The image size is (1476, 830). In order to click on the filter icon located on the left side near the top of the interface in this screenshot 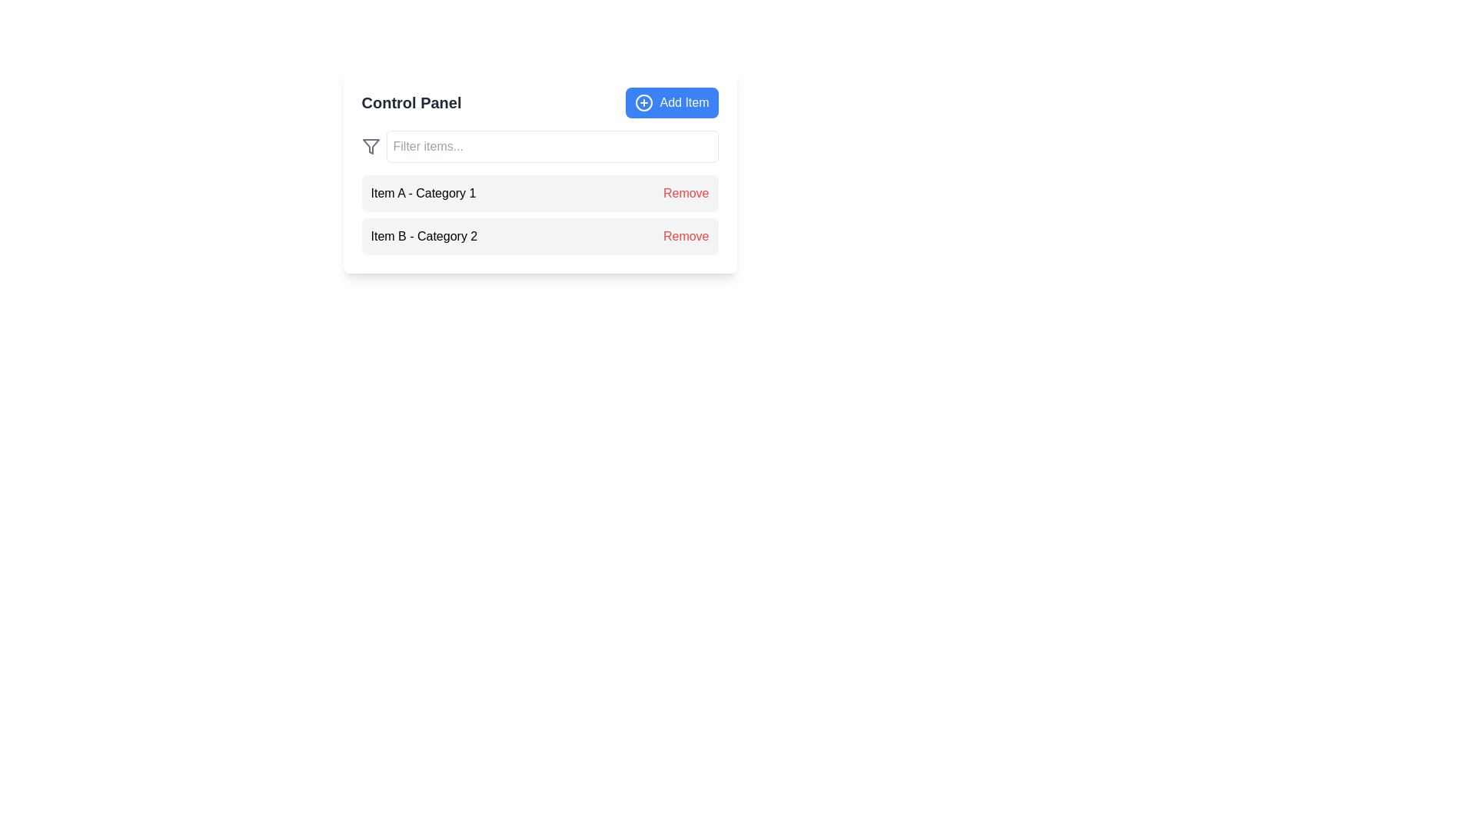, I will do `click(371, 147)`.